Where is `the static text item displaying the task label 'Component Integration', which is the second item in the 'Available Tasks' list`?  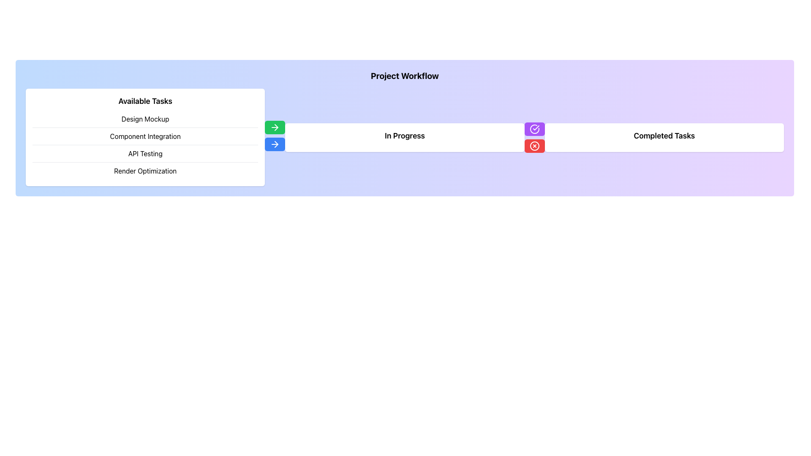 the static text item displaying the task label 'Component Integration', which is the second item in the 'Available Tasks' list is located at coordinates (145, 136).